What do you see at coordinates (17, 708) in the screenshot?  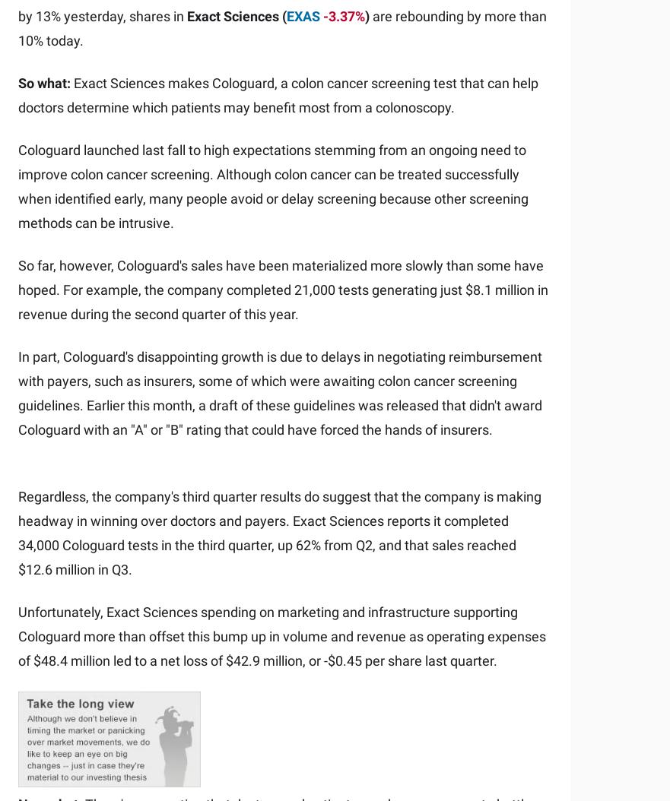 I see `'Terms and Conditions'` at bounding box center [17, 708].